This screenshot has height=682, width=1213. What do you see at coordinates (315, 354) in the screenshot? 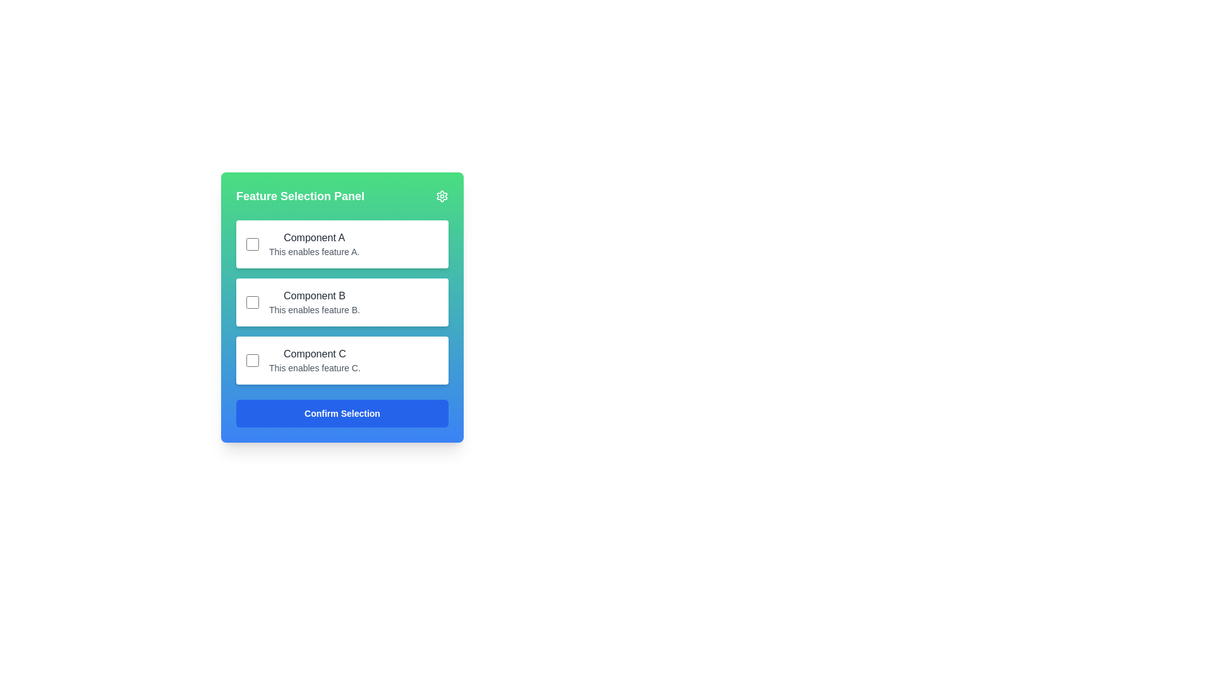
I see `the title label for Component C, which is the third label in a vertically stacked list of selection cards` at bounding box center [315, 354].